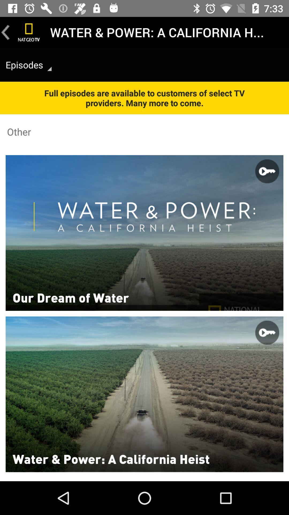 The width and height of the screenshot is (289, 515). What do you see at coordinates (5, 32) in the screenshot?
I see `icon above episodes icon` at bounding box center [5, 32].